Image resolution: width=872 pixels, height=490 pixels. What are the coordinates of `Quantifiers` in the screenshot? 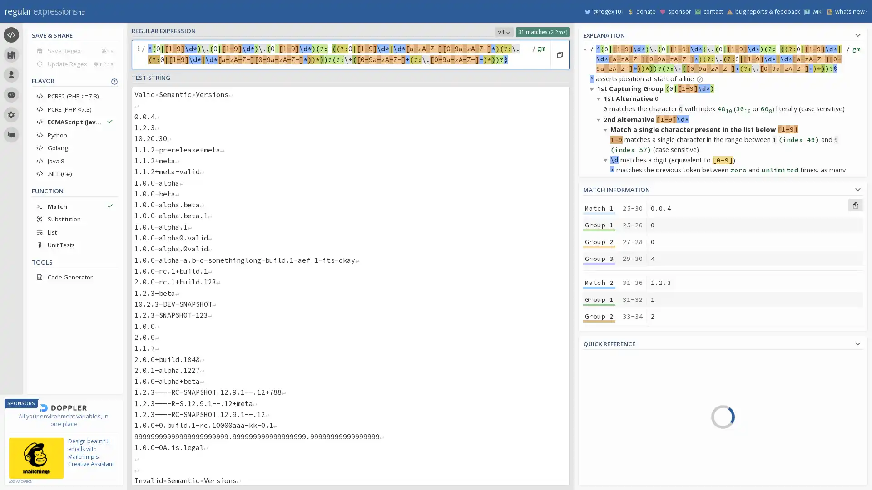 It's located at (625, 441).